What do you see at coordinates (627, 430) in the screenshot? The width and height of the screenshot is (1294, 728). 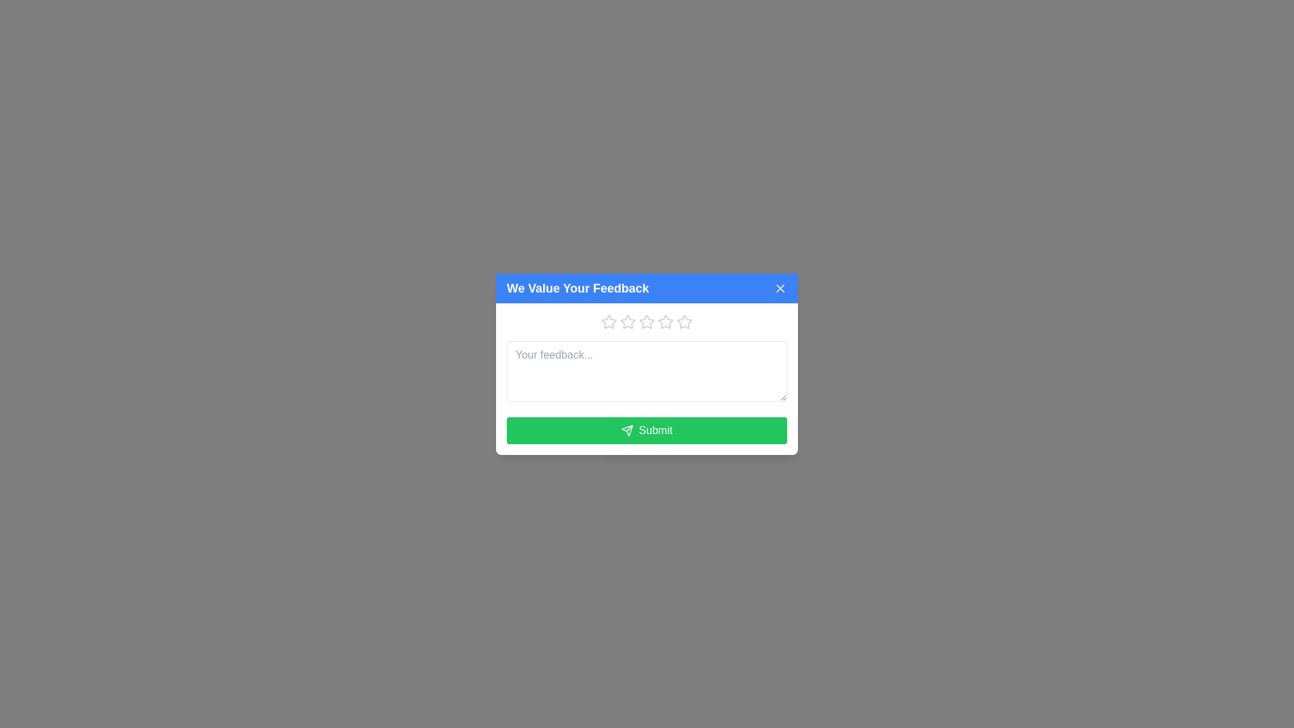 I see `the 'Submit' button icon, which is located at the bottom center of the feedback modal dialog and is styled with a green background and white text` at bounding box center [627, 430].